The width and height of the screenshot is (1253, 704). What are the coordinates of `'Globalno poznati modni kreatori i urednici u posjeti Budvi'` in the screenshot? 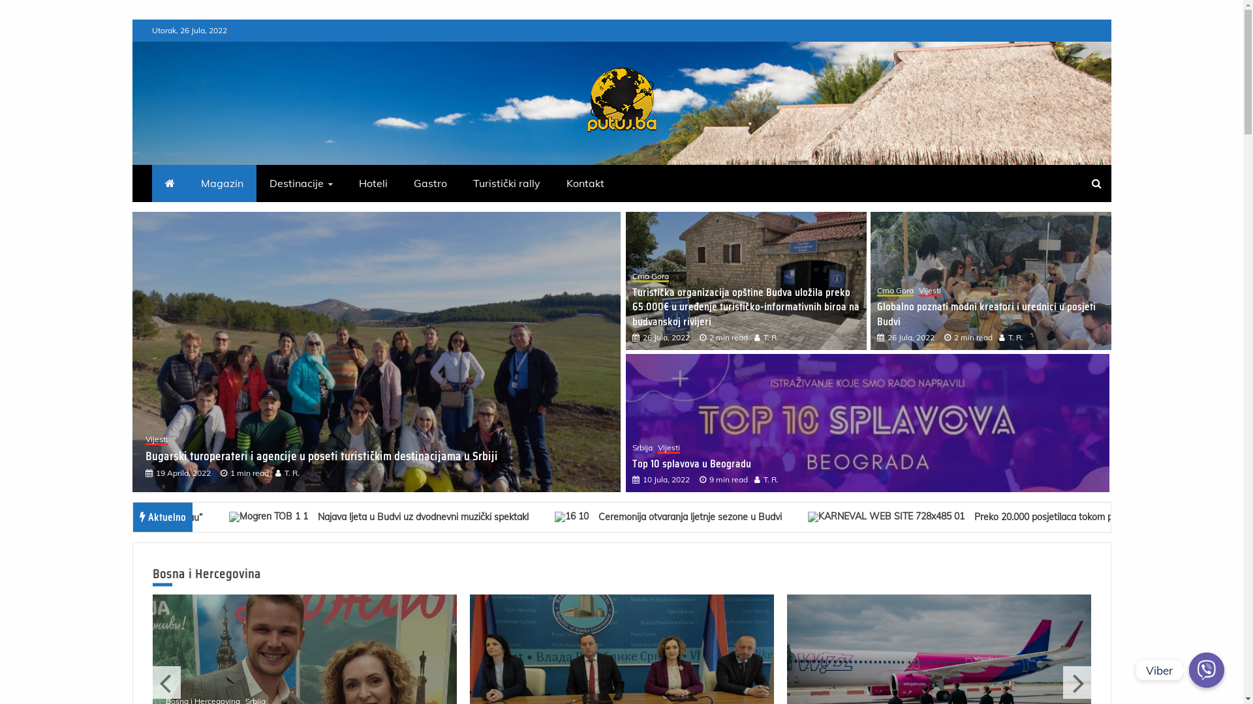 It's located at (986, 314).